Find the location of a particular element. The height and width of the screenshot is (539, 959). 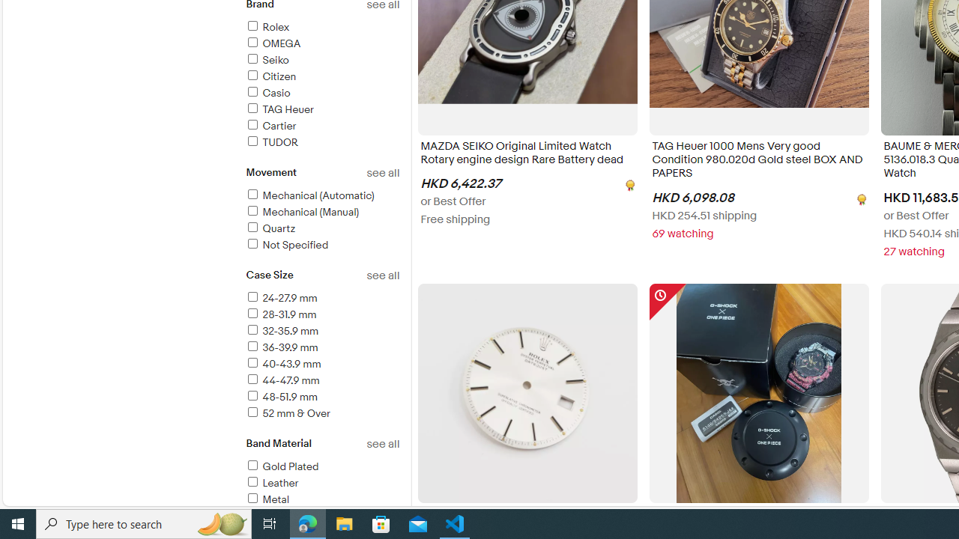

'Metal' is located at coordinates (267, 499).